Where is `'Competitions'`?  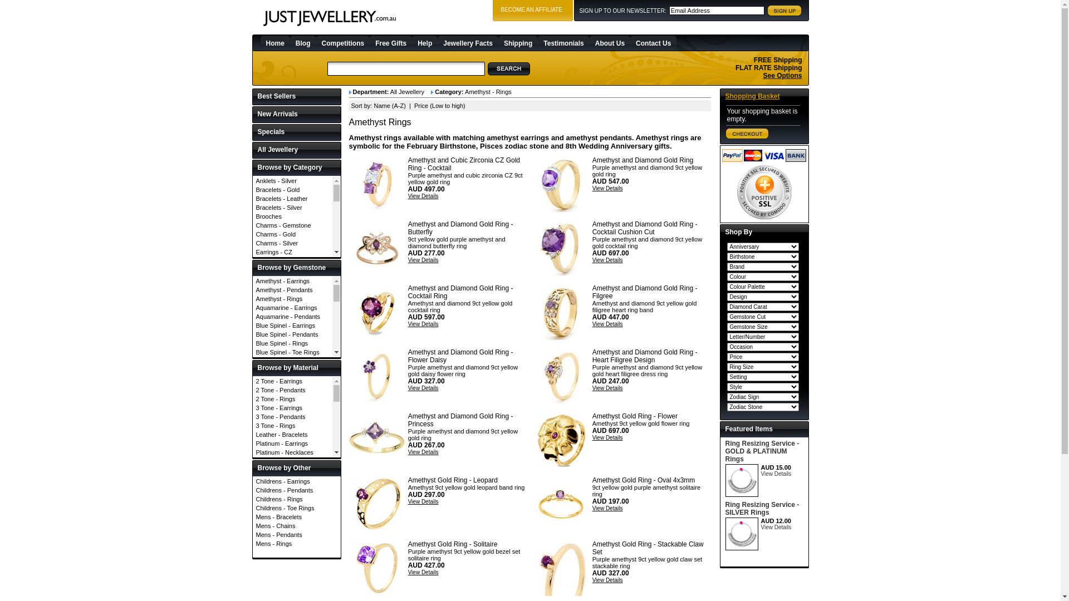
'Competitions' is located at coordinates (342, 42).